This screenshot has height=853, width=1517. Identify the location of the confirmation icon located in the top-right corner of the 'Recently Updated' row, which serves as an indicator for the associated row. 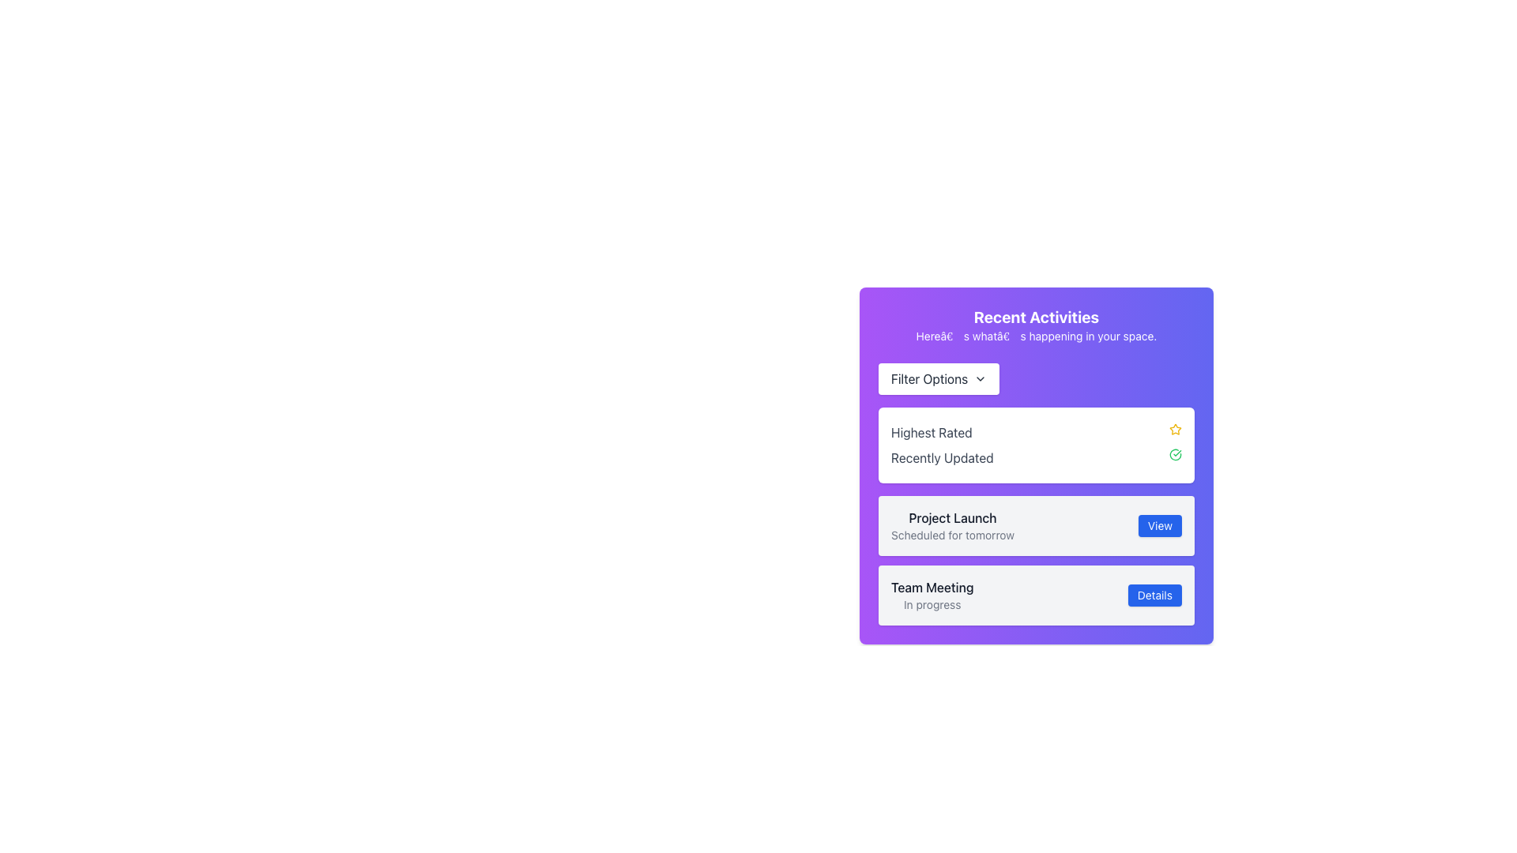
(1176, 454).